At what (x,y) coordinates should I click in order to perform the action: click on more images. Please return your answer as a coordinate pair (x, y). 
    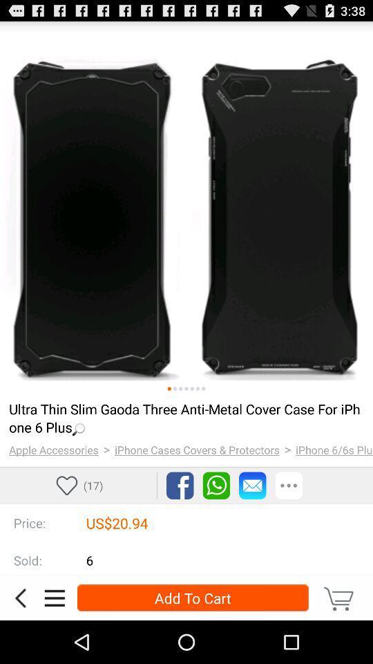
    Looking at the image, I should click on (180, 389).